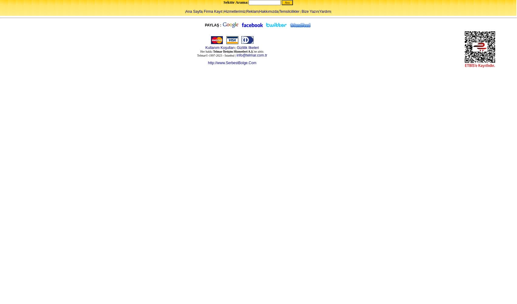 This screenshot has width=517, height=304. Describe the element at coordinates (325, 12) in the screenshot. I see `'Yardım'` at that location.